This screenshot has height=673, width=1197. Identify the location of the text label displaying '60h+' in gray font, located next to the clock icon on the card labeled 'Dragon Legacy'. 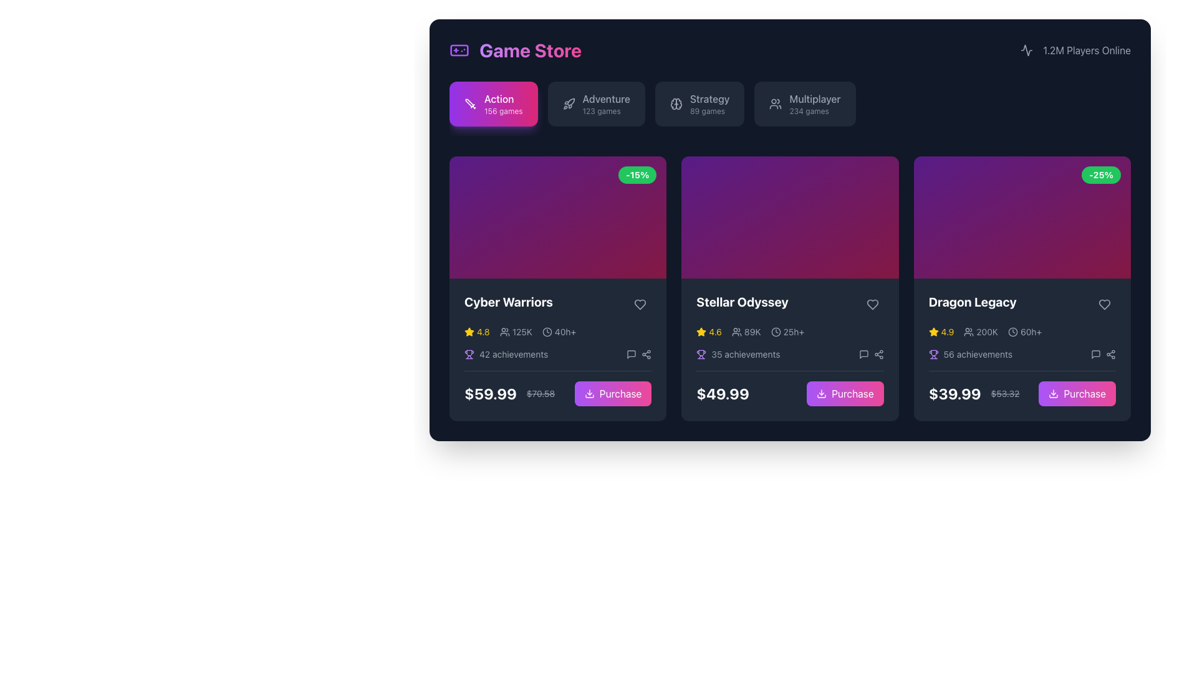
(1031, 331).